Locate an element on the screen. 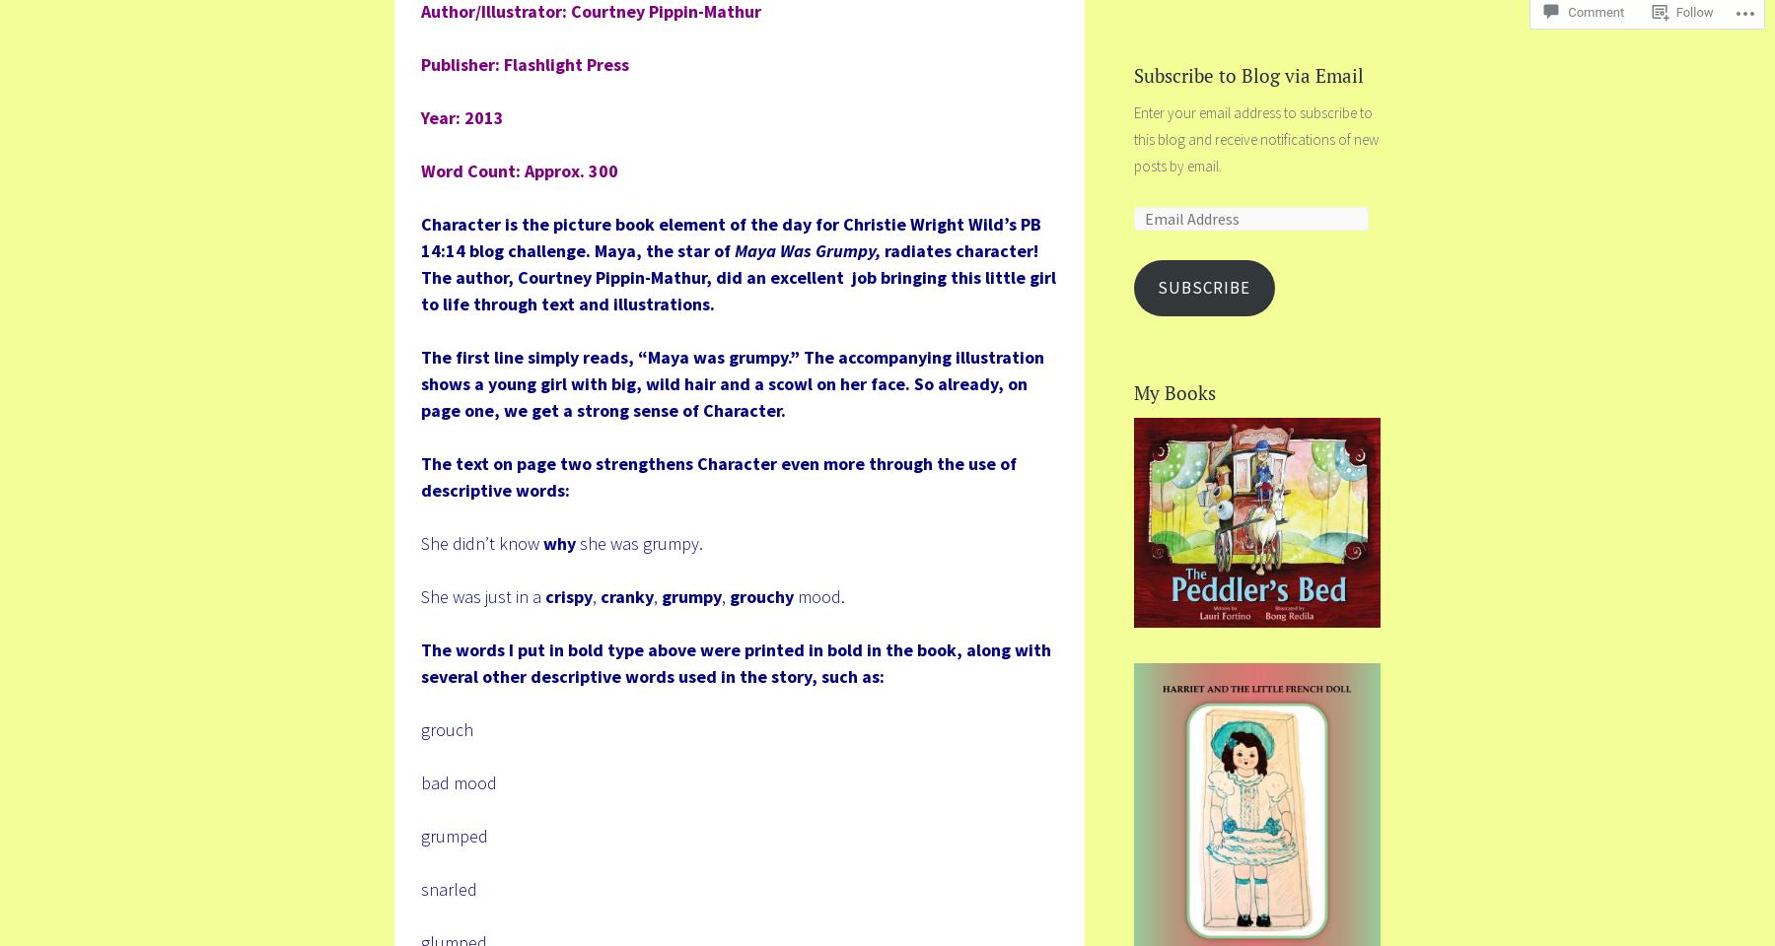 Image resolution: width=1775 pixels, height=946 pixels. 'grouch' is located at coordinates (446, 727).